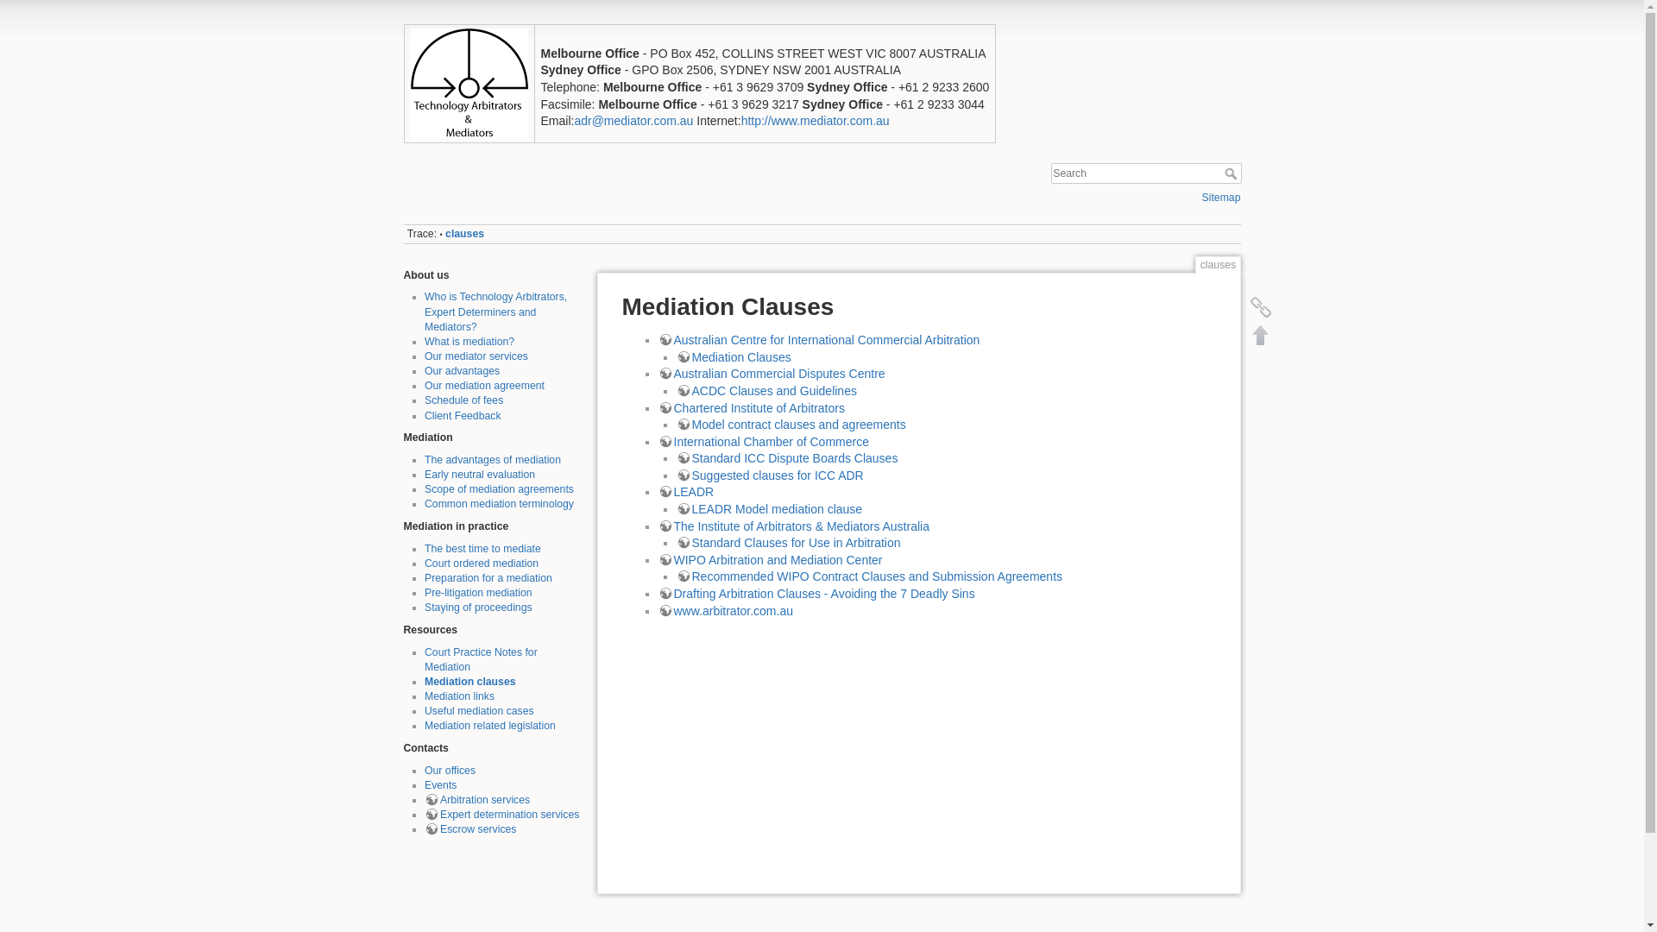 This screenshot has width=1657, height=932. Describe the element at coordinates (501, 815) in the screenshot. I see `'Expert determination services'` at that location.